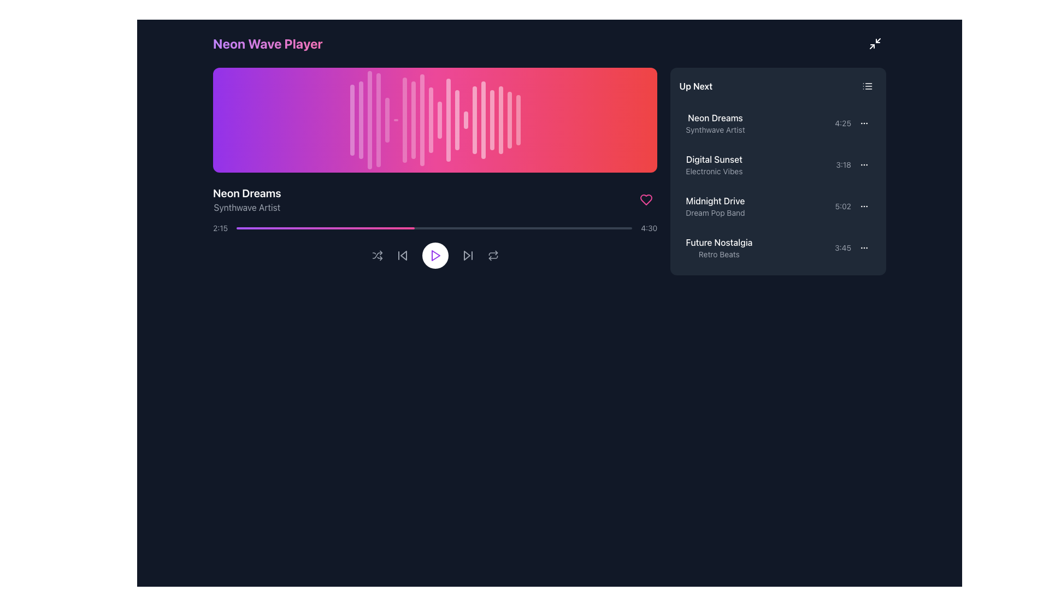 This screenshot has width=1049, height=590. Describe the element at coordinates (719, 255) in the screenshot. I see `the static text label providing additional descriptive information for the music item 'Future Nostalgia', located beneath its details in the right-hand panel under 'Up Next'` at that location.